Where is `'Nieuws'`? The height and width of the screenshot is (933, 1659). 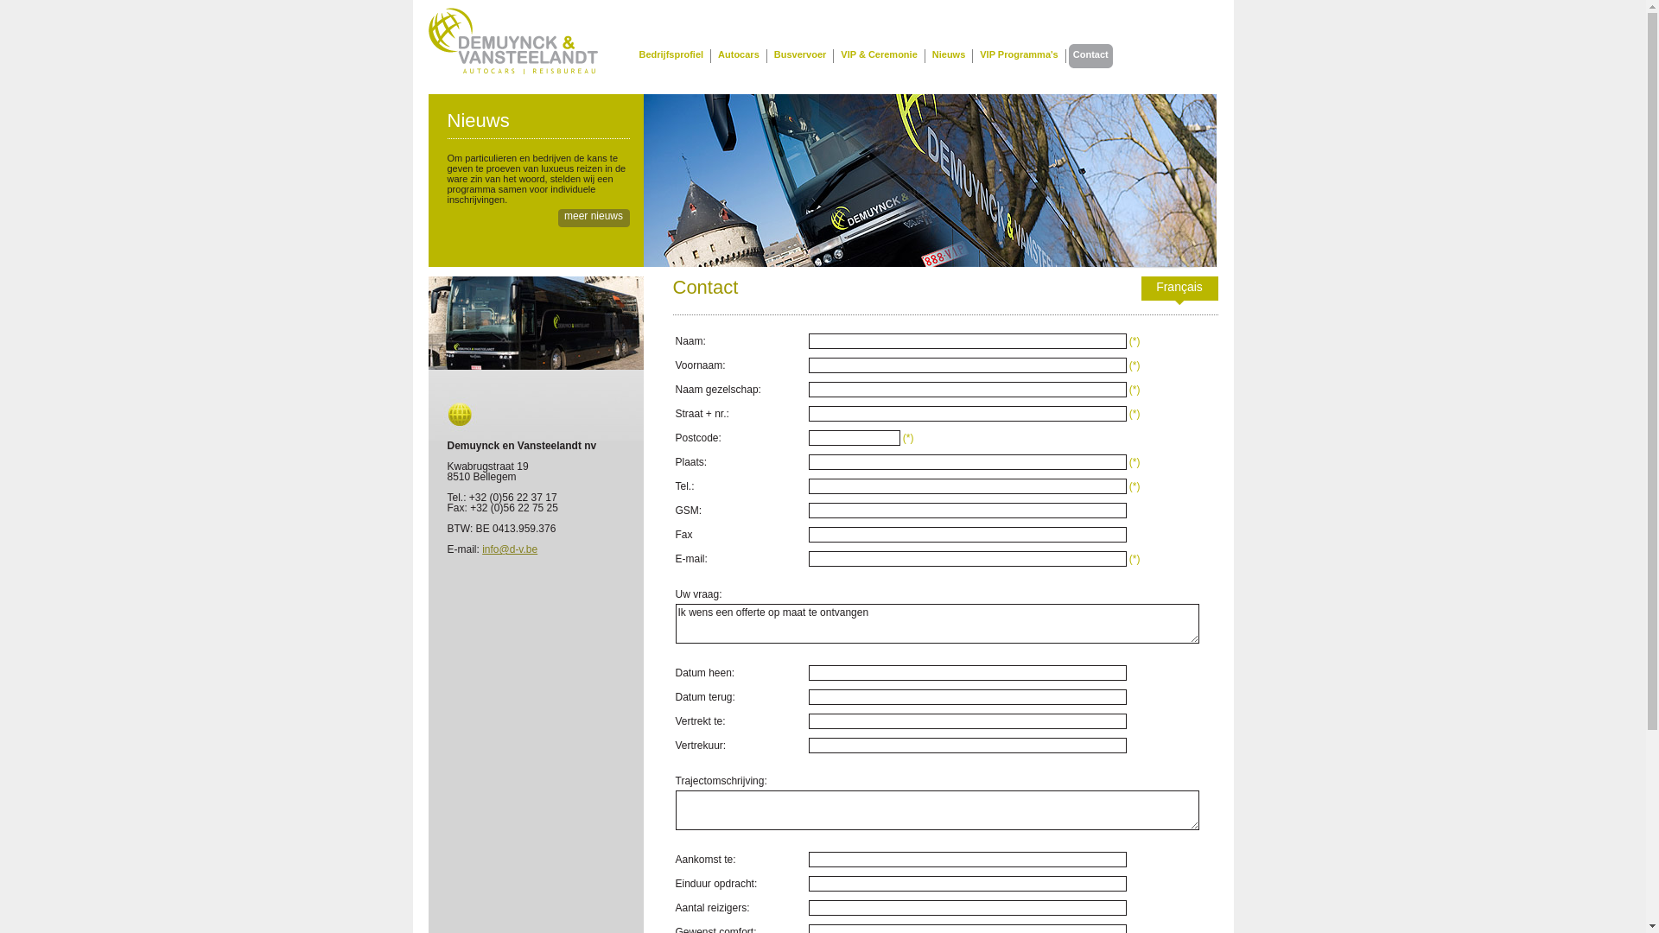
'Nieuws' is located at coordinates (948, 55).